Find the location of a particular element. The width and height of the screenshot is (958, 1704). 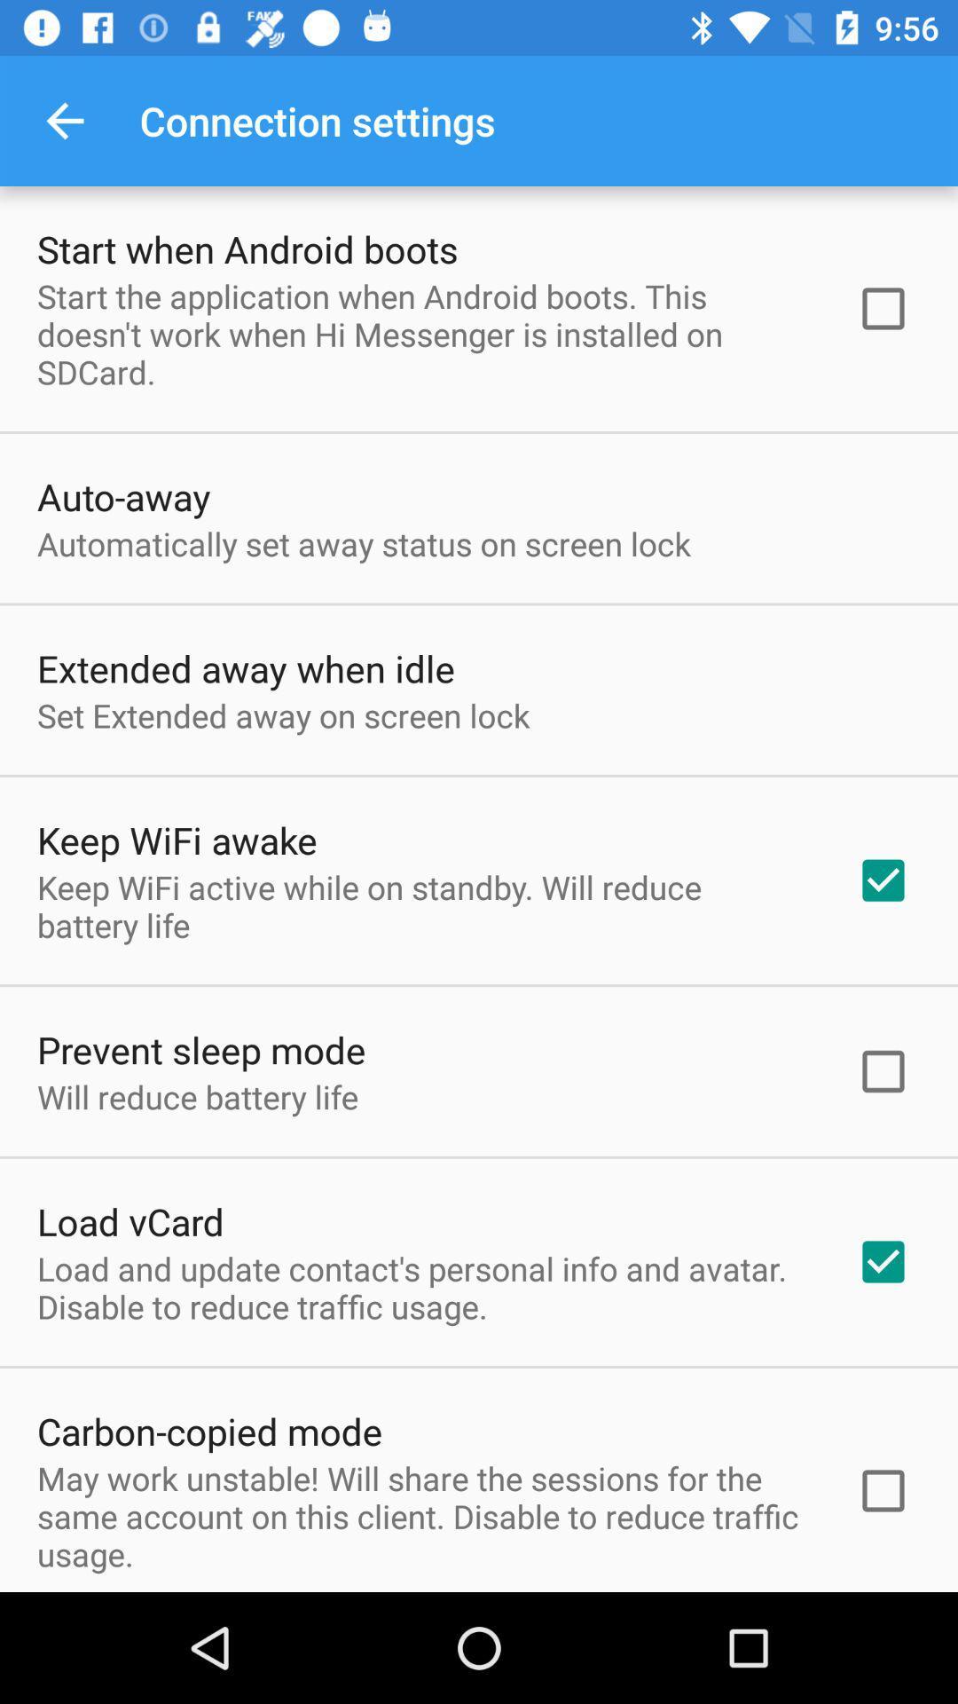

prevent sleep mode is located at coordinates (200, 1049).